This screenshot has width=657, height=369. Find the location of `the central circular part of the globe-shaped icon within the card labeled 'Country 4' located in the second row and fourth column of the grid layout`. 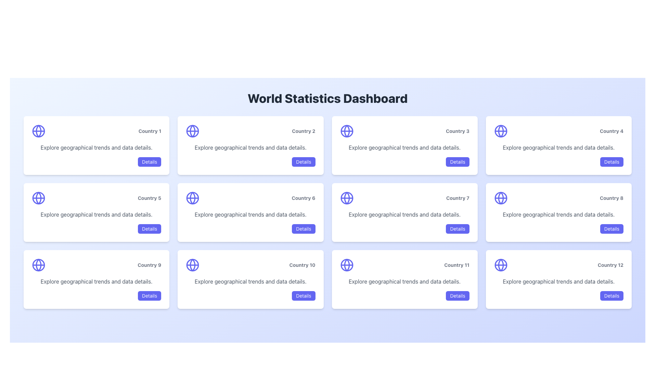

the central circular part of the globe-shaped icon within the card labeled 'Country 4' located in the second row and fourth column of the grid layout is located at coordinates (501, 131).